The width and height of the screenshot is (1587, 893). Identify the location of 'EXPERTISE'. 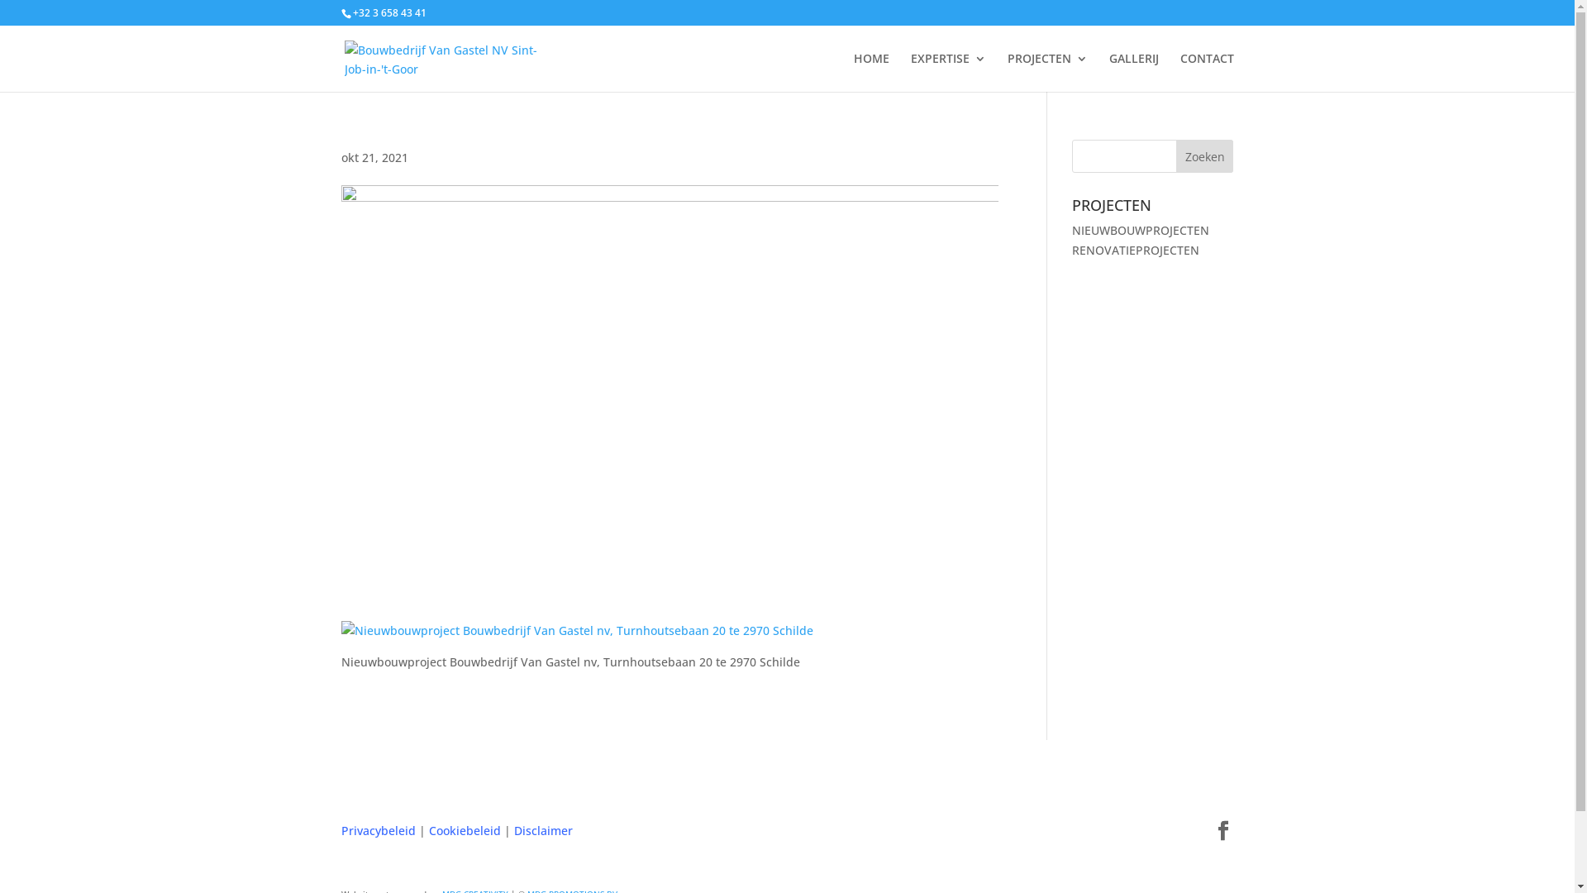
(948, 71).